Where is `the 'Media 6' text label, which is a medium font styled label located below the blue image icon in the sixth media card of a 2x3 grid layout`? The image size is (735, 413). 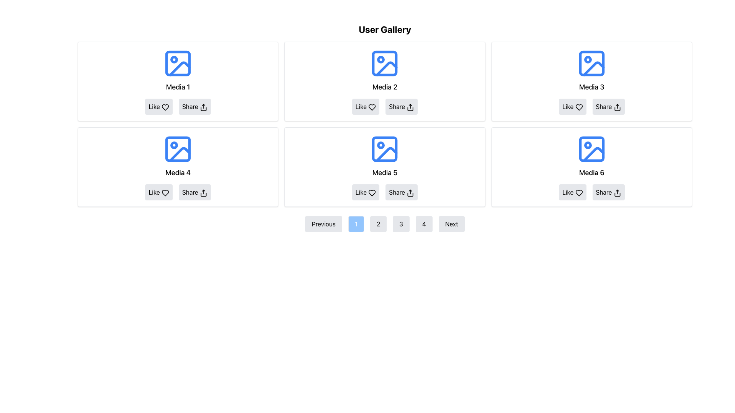 the 'Media 6' text label, which is a medium font styled label located below the blue image icon in the sixth media card of a 2x3 grid layout is located at coordinates (591, 172).